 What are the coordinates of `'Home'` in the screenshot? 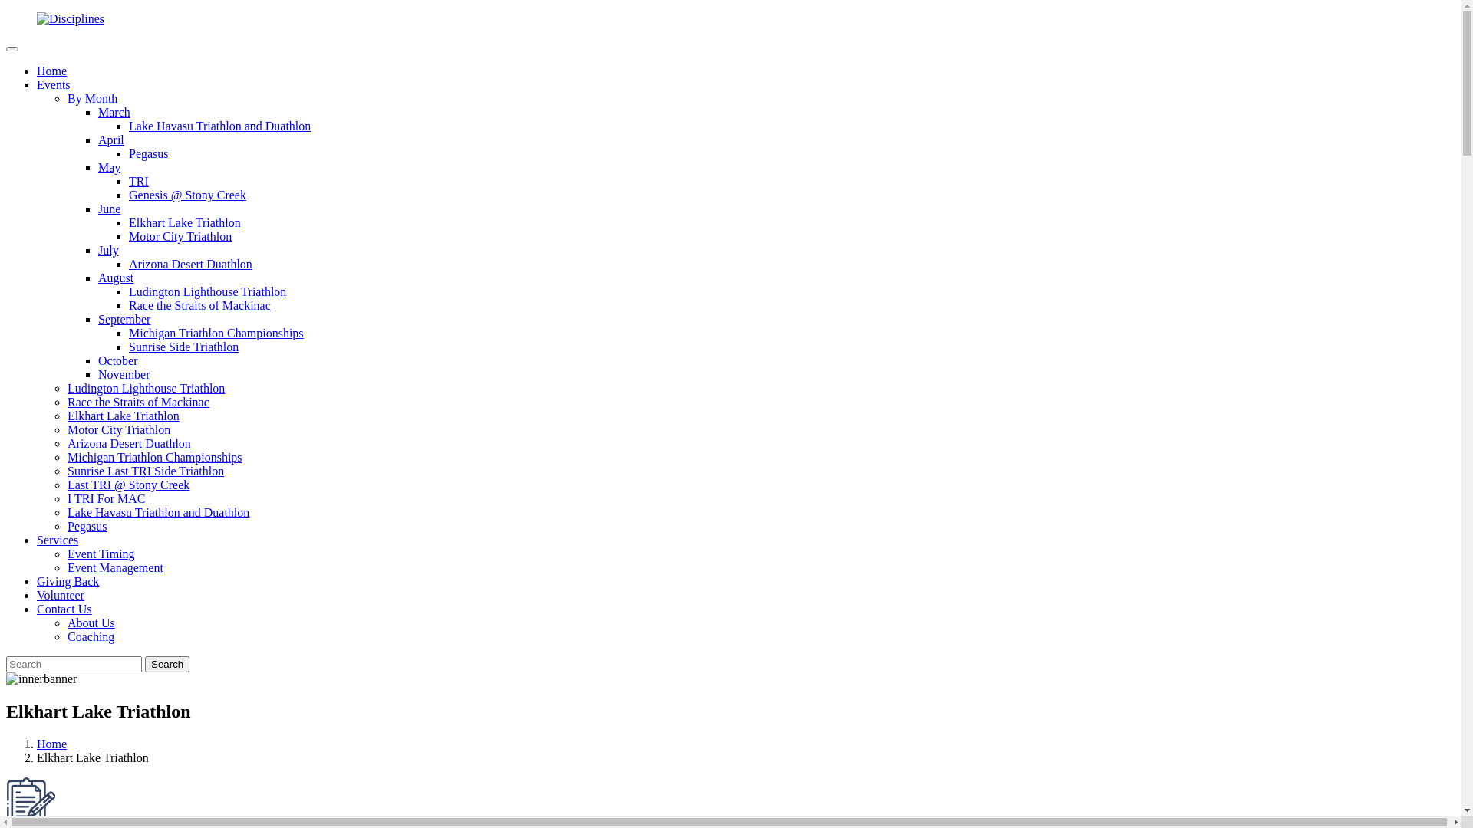 It's located at (51, 743).